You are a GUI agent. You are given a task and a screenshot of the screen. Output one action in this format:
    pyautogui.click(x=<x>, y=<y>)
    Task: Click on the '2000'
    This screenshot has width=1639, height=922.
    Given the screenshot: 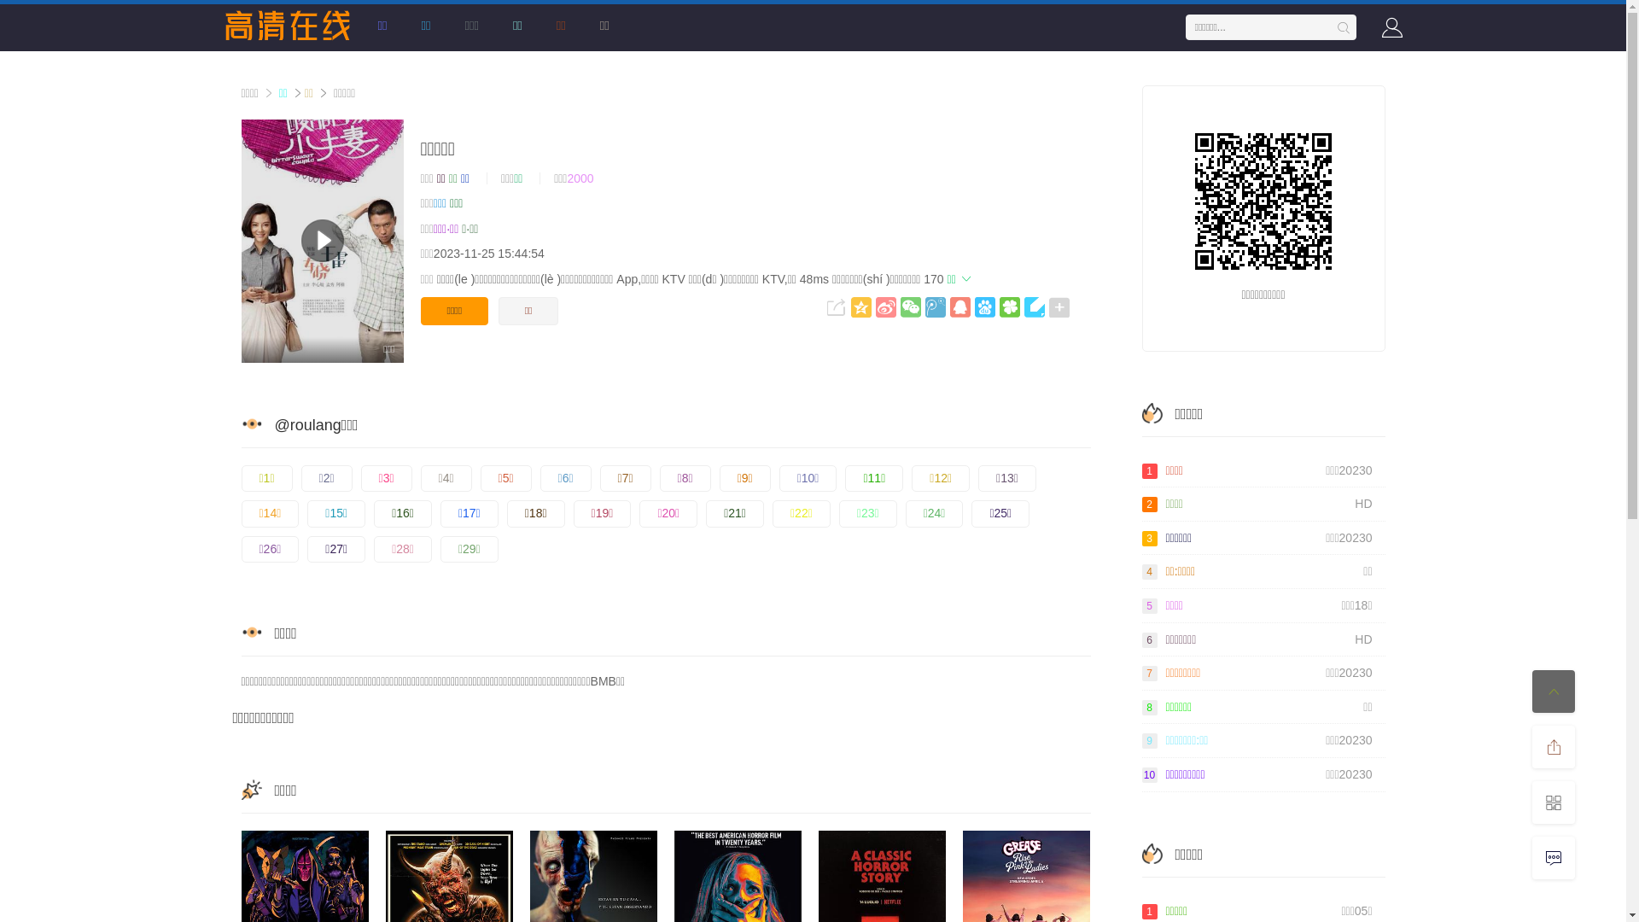 What is the action you would take?
    pyautogui.click(x=580, y=178)
    